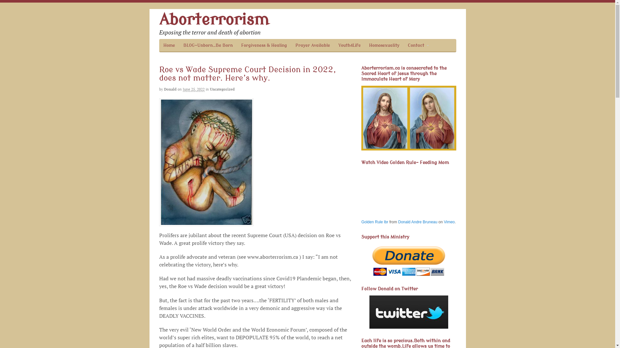  I want to click on 'Forgiveness & Healing', so click(264, 45).